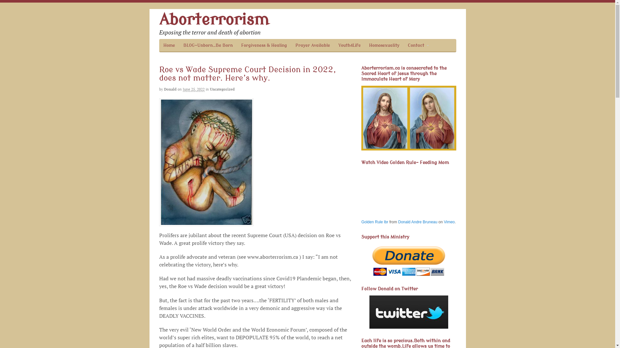  I want to click on 'Forgiveness & Healing', so click(264, 45).